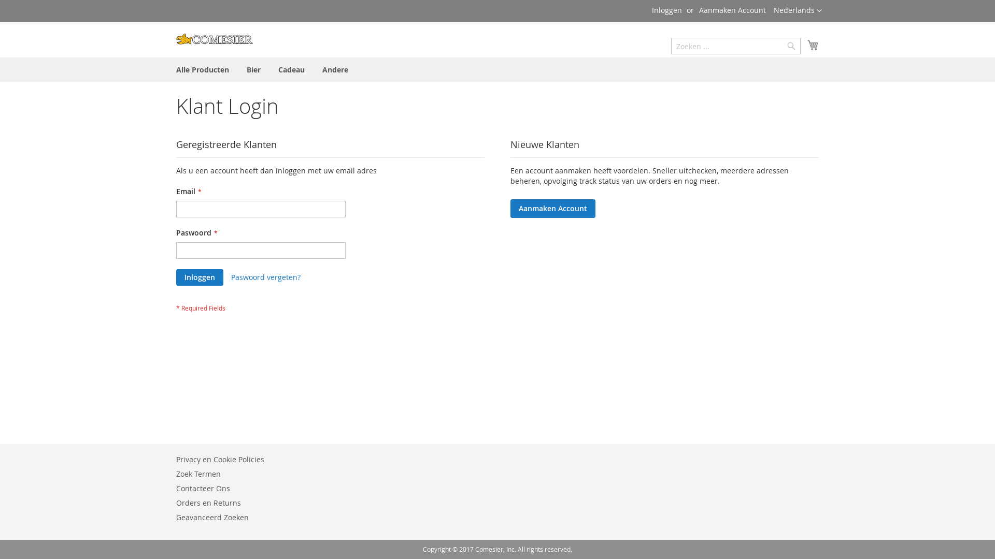 The height and width of the screenshot is (559, 995). I want to click on 'Inloggen', so click(176, 277).